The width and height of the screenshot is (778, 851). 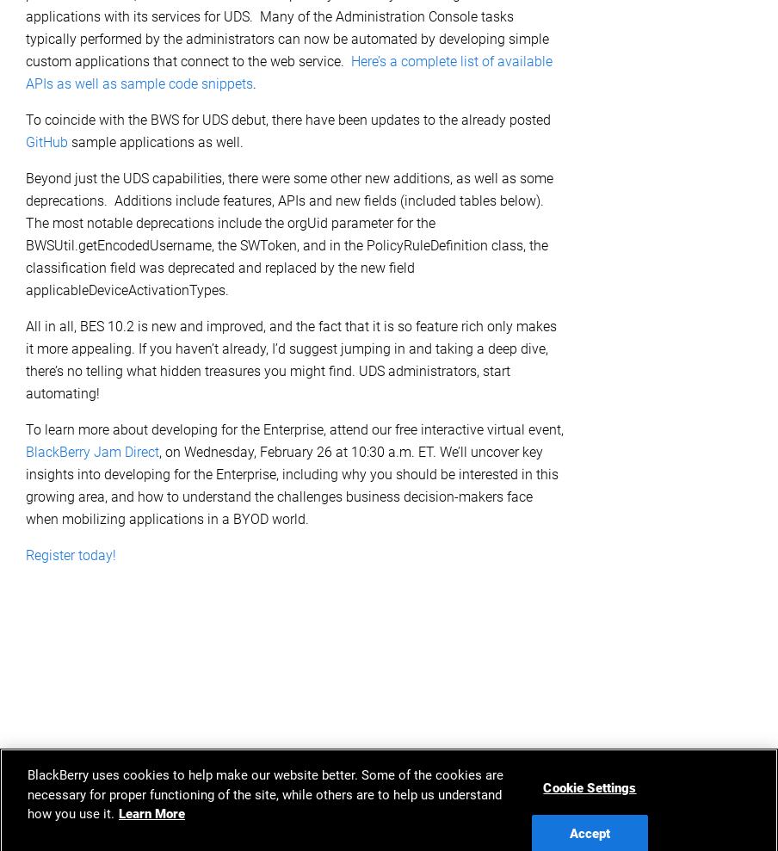 What do you see at coordinates (92, 451) in the screenshot?
I see `'BlackBerry Jam Direct'` at bounding box center [92, 451].